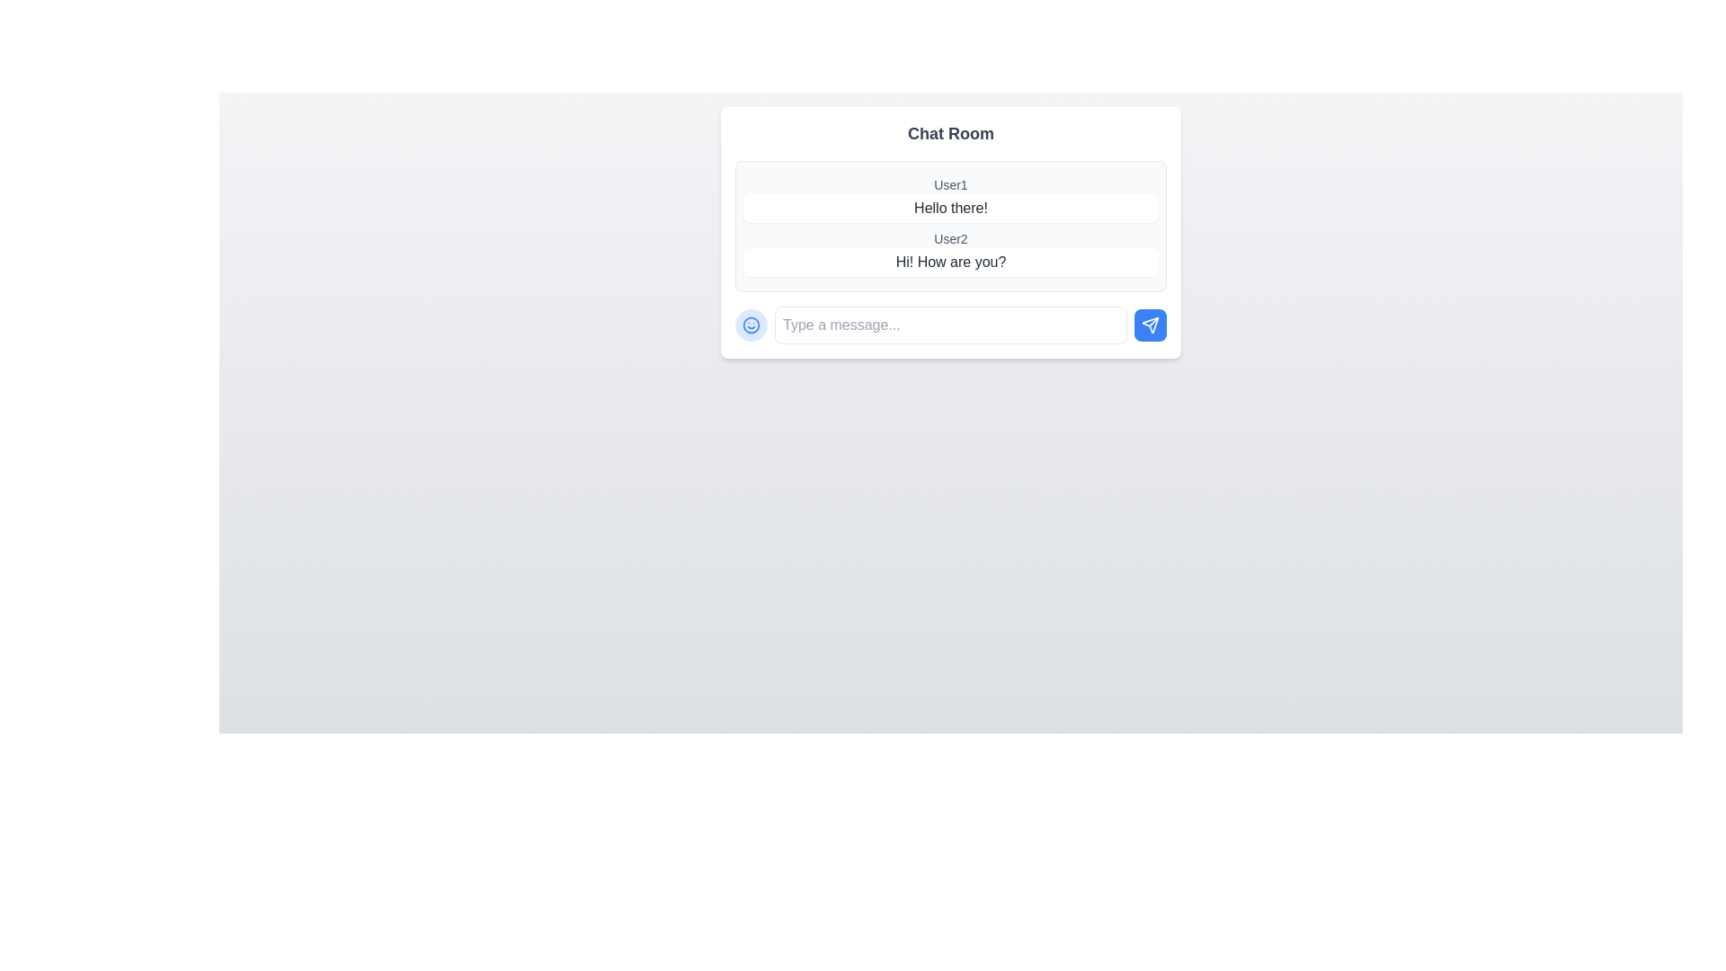 The image size is (1726, 971). Describe the element at coordinates (1151, 325) in the screenshot. I see `the blue outlined airplane icon at the bottom right of the chat interface to send a message` at that location.